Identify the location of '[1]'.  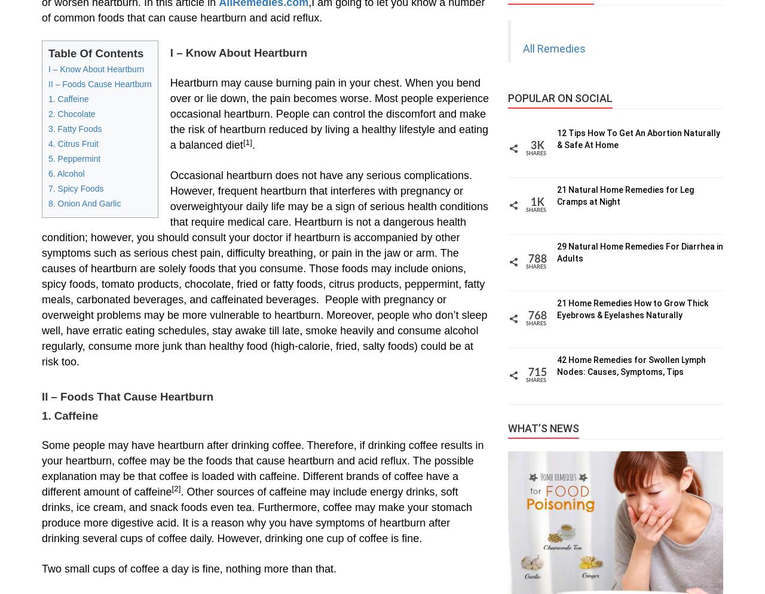
(246, 141).